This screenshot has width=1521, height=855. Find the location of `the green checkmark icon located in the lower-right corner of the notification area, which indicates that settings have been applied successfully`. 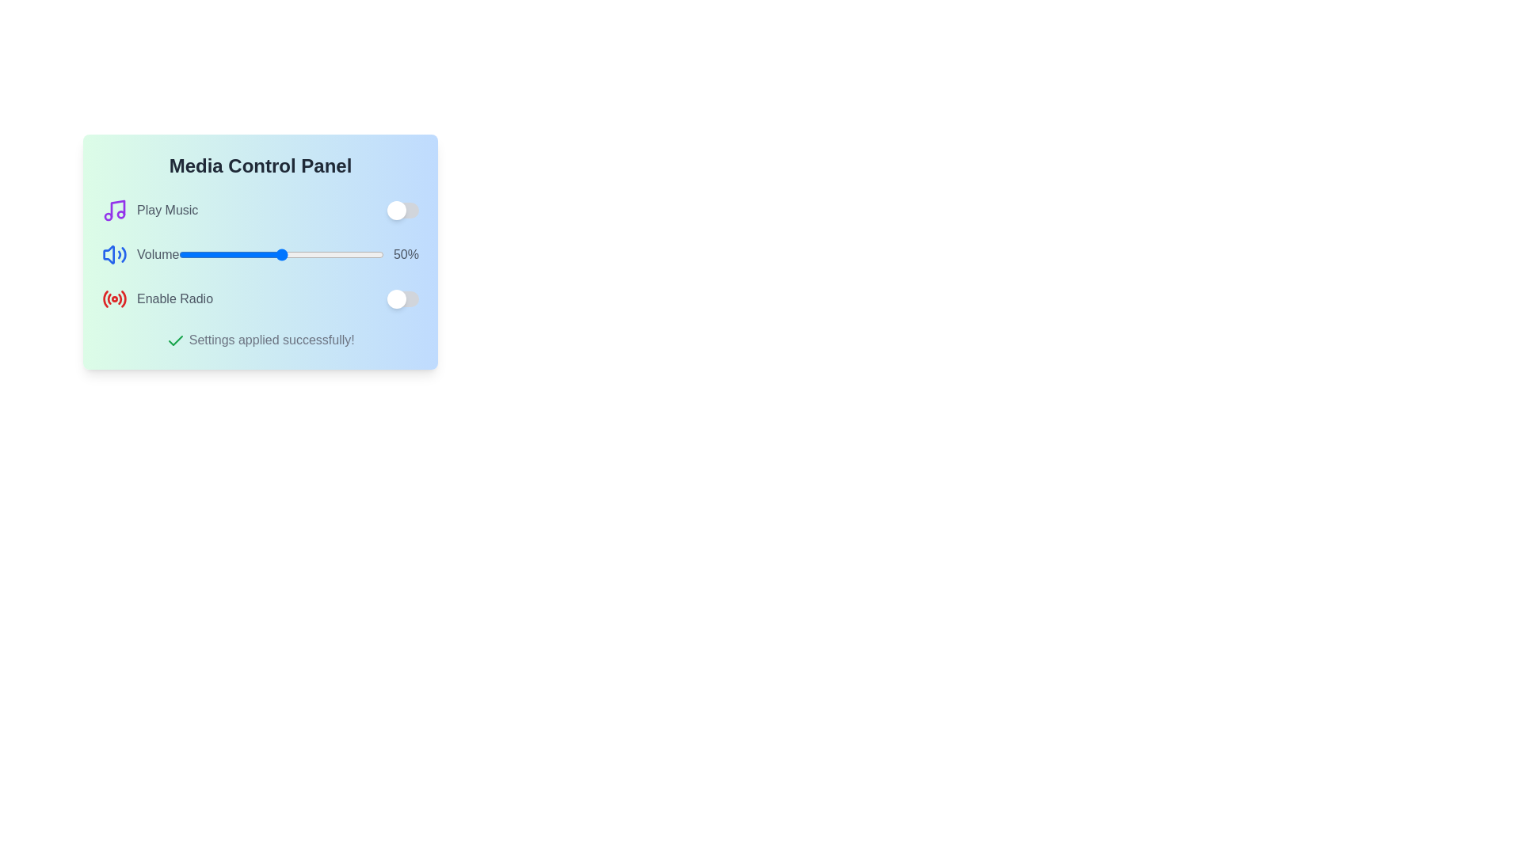

the green checkmark icon located in the lower-right corner of the notification area, which indicates that settings have been applied successfully is located at coordinates (176, 340).